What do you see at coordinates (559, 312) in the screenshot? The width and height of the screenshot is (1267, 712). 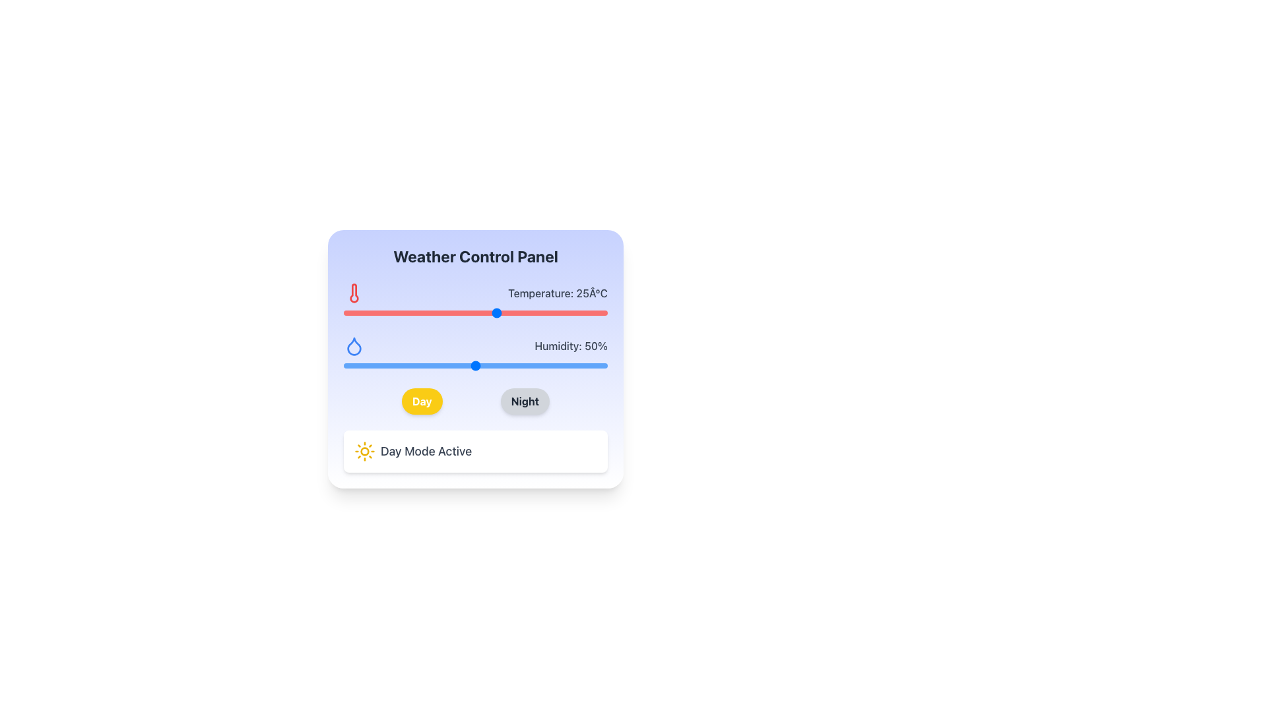 I see `the temperature` at bounding box center [559, 312].